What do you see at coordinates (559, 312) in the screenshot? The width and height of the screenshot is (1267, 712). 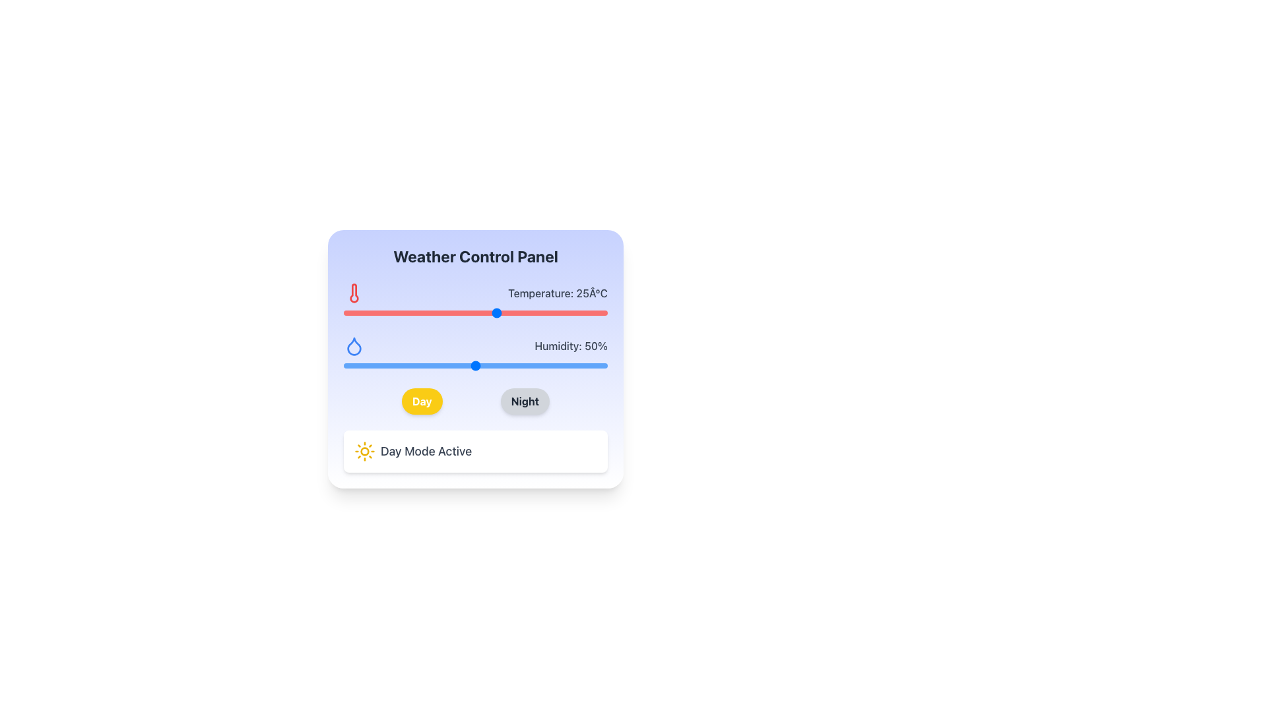 I see `the temperature` at bounding box center [559, 312].